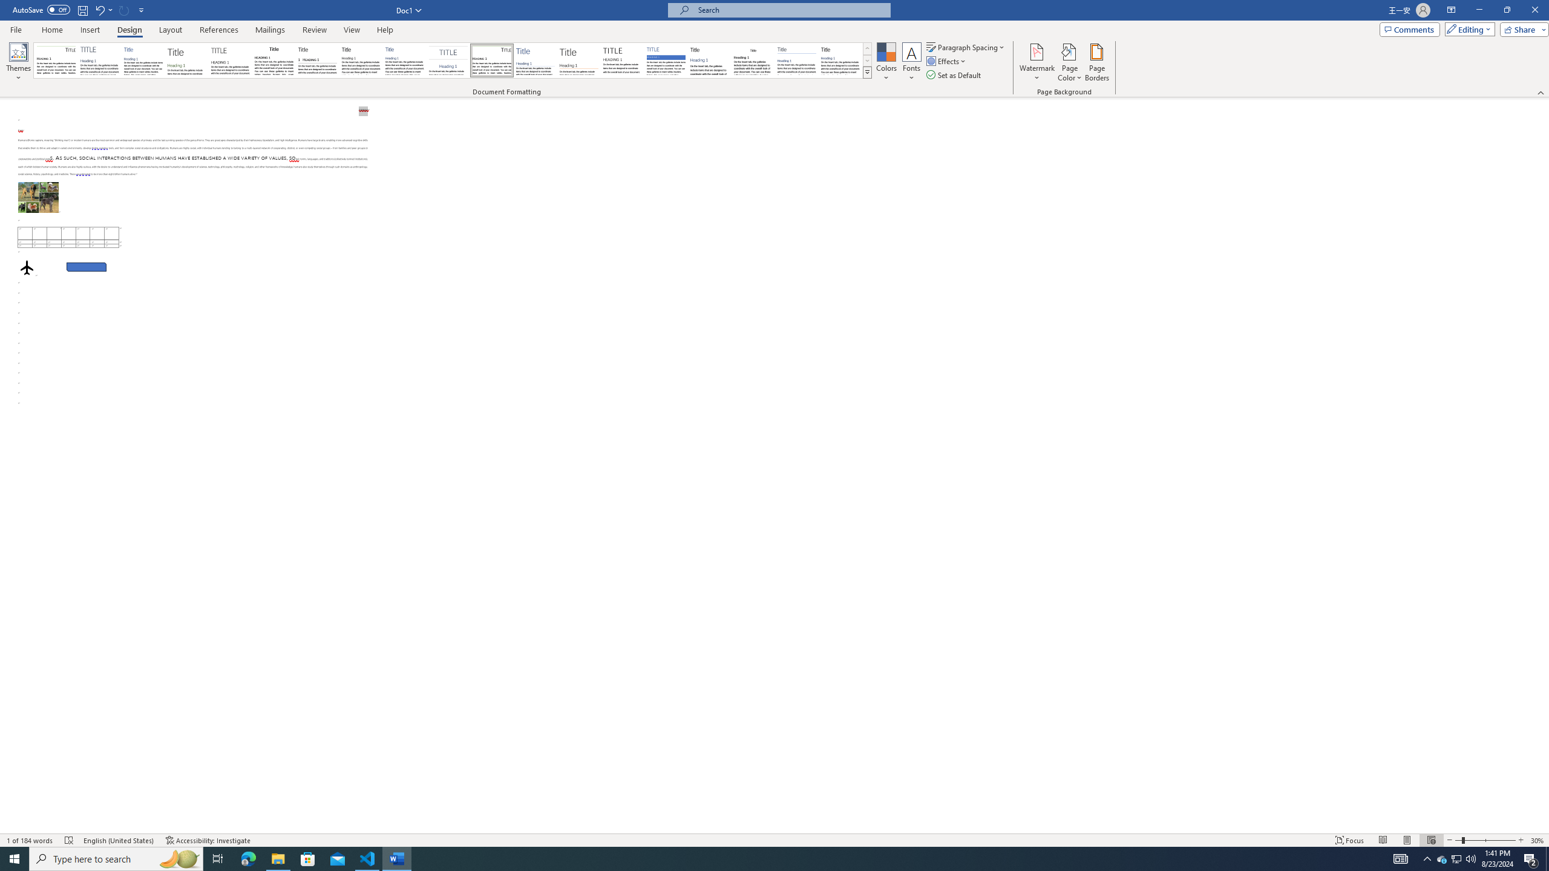 This screenshot has width=1549, height=871. What do you see at coordinates (1097, 62) in the screenshot?
I see `'Page Borders...'` at bounding box center [1097, 62].